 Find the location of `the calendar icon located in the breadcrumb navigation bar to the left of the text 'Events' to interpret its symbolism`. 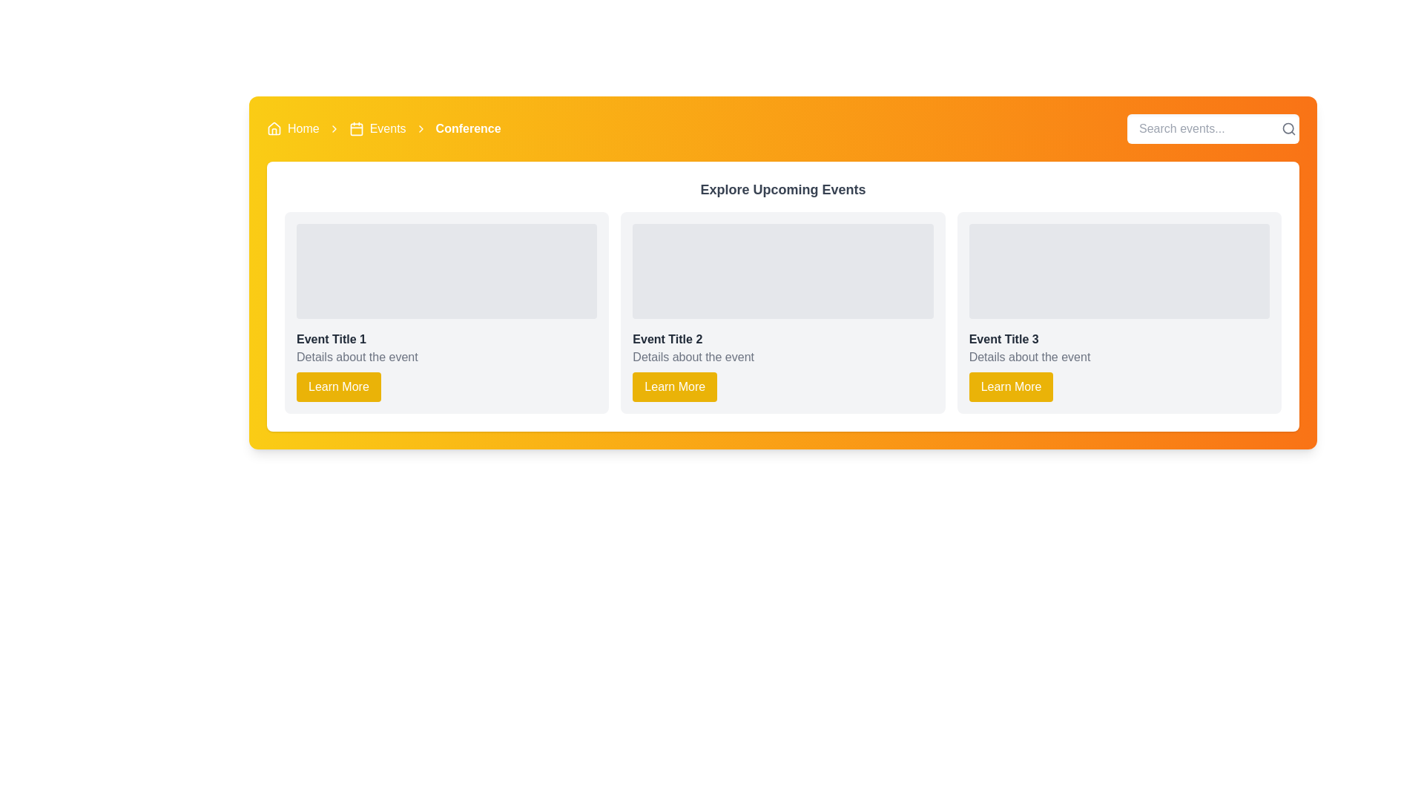

the calendar icon located in the breadcrumb navigation bar to the left of the text 'Events' to interpret its symbolism is located at coordinates (356, 128).